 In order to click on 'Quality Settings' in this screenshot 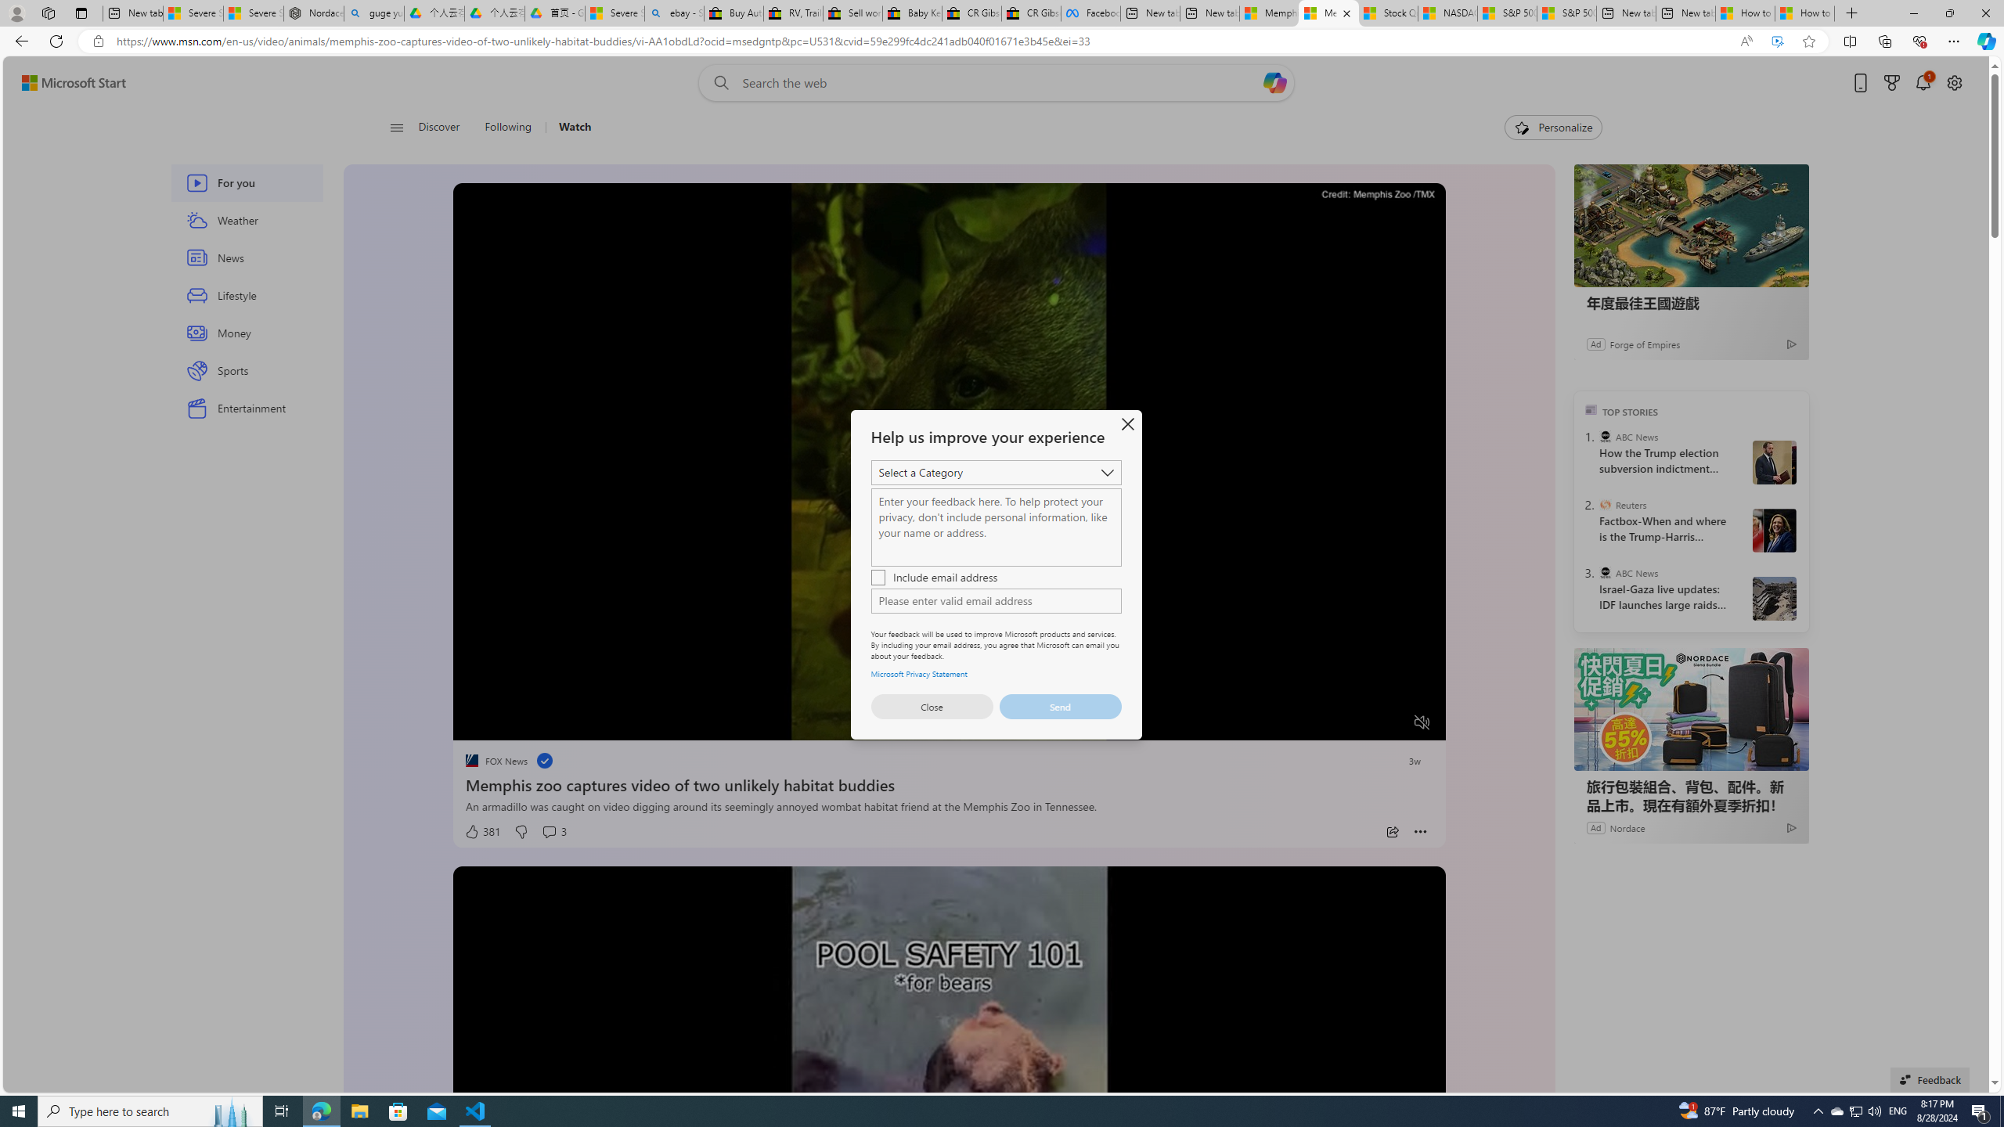, I will do `click(1328, 722)`.